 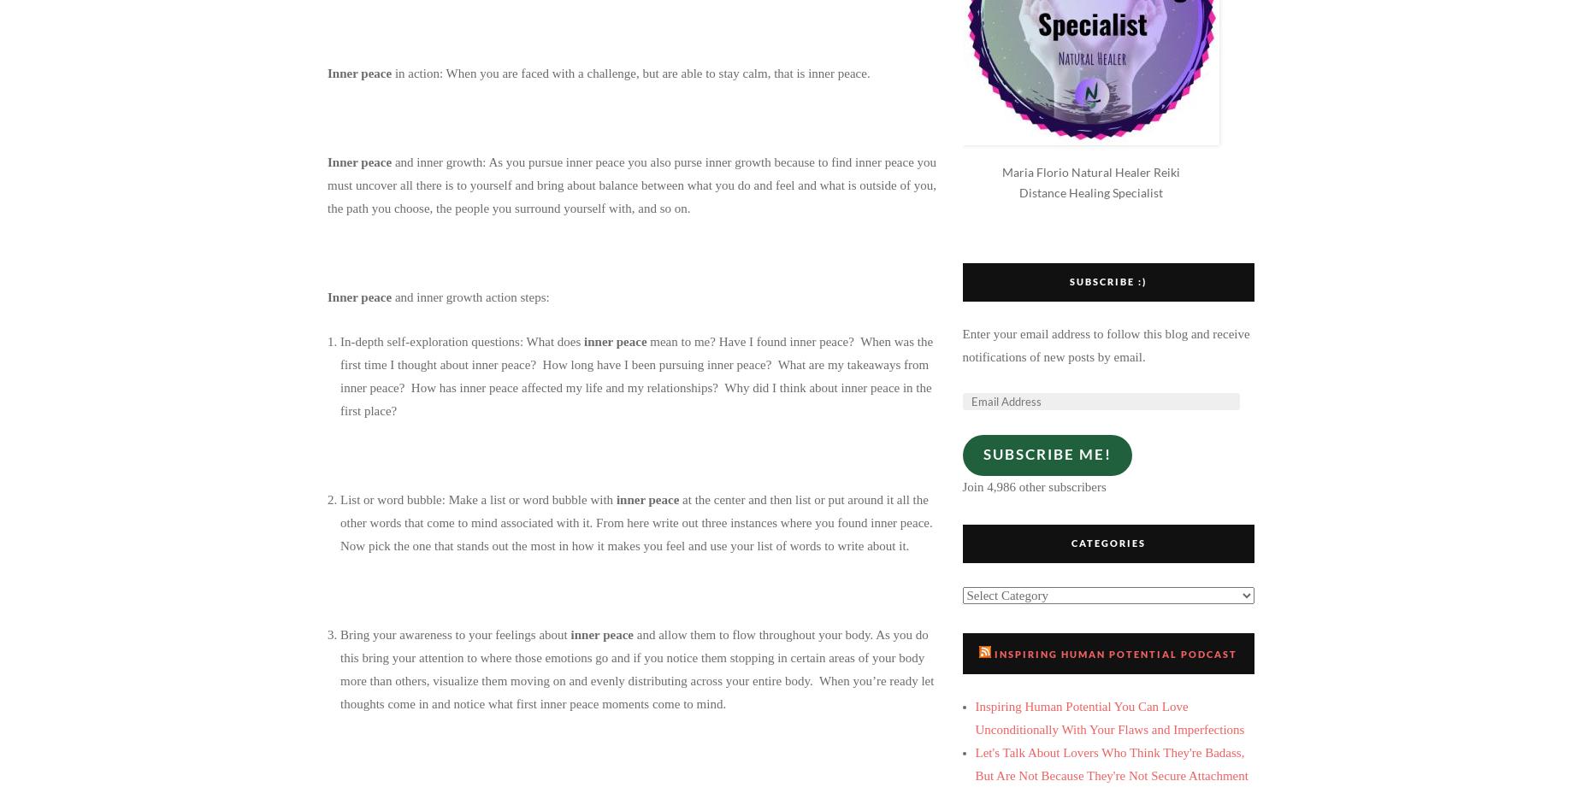 What do you see at coordinates (636, 375) in the screenshot?
I see `'mean to me? Have I found inner peace?  When was the first time I thought about inner peace?  How long have I been pursuing inner peace?  What are my takeaways from inner peace?  How has inner peace affected my life and my relationships?  Why did I think about inner peace in the first place?'` at bounding box center [636, 375].